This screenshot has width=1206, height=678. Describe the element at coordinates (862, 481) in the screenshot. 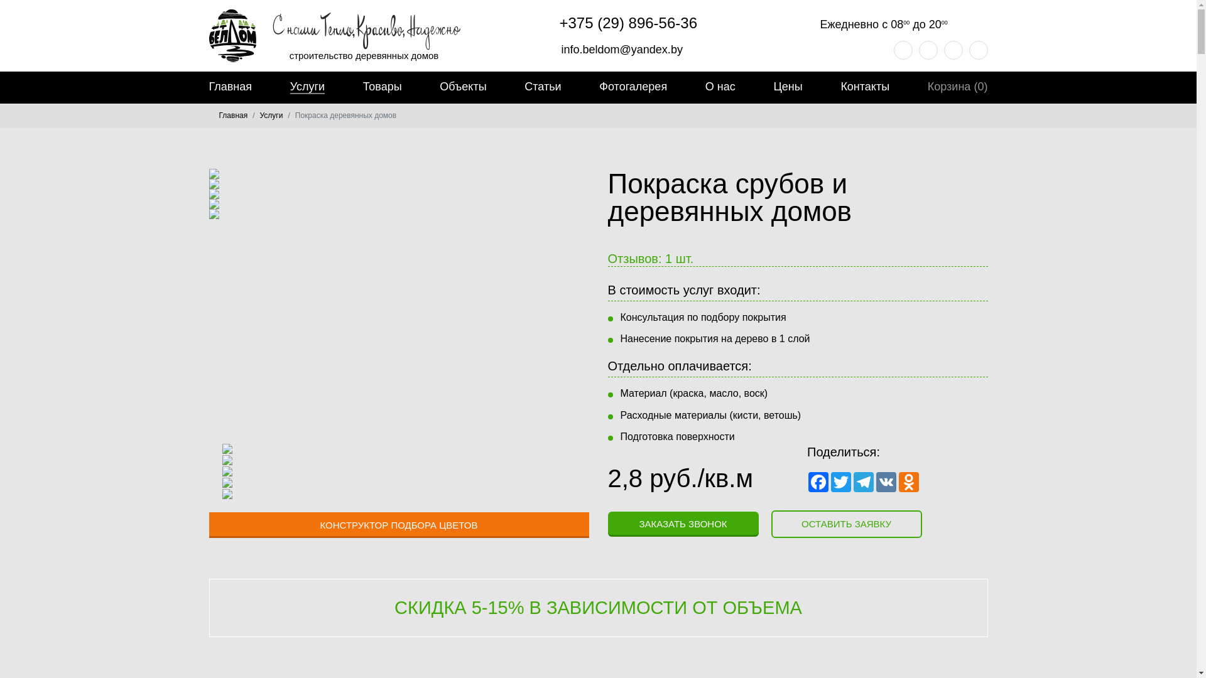

I see `'Telegram'` at that location.